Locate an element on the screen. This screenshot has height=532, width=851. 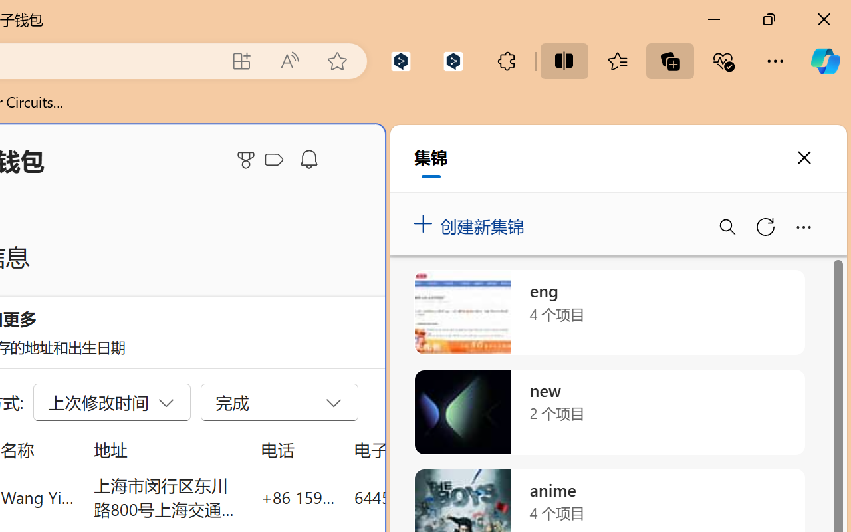
'Copilot (Ctrl+Shift+.)' is located at coordinates (824, 61).